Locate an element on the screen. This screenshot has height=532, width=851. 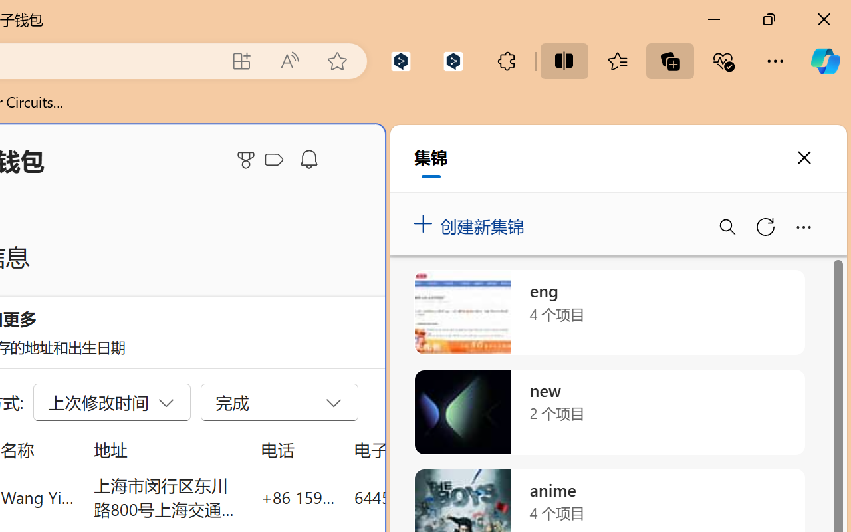
'Copilot (Ctrl+Shift+.)' is located at coordinates (824, 61).